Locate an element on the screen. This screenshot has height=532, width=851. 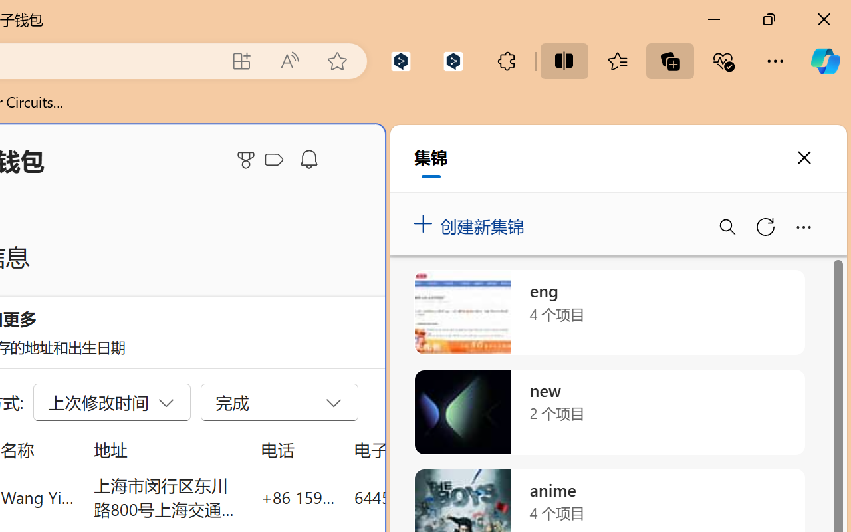
'Copilot (Ctrl+Shift+.)' is located at coordinates (824, 61).